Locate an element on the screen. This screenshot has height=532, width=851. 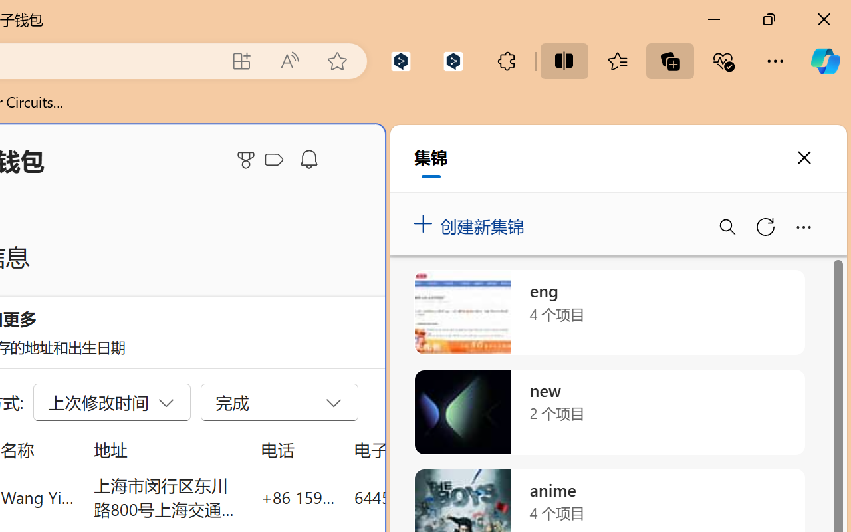
'Copilot (Ctrl+Shift+.)' is located at coordinates (824, 61).